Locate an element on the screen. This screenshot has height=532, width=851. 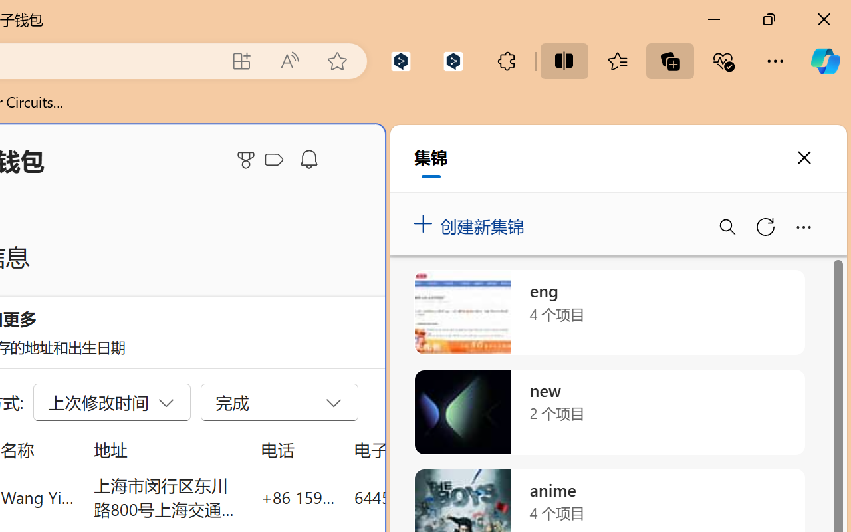
'Copilot (Ctrl+Shift+.)' is located at coordinates (824, 61).